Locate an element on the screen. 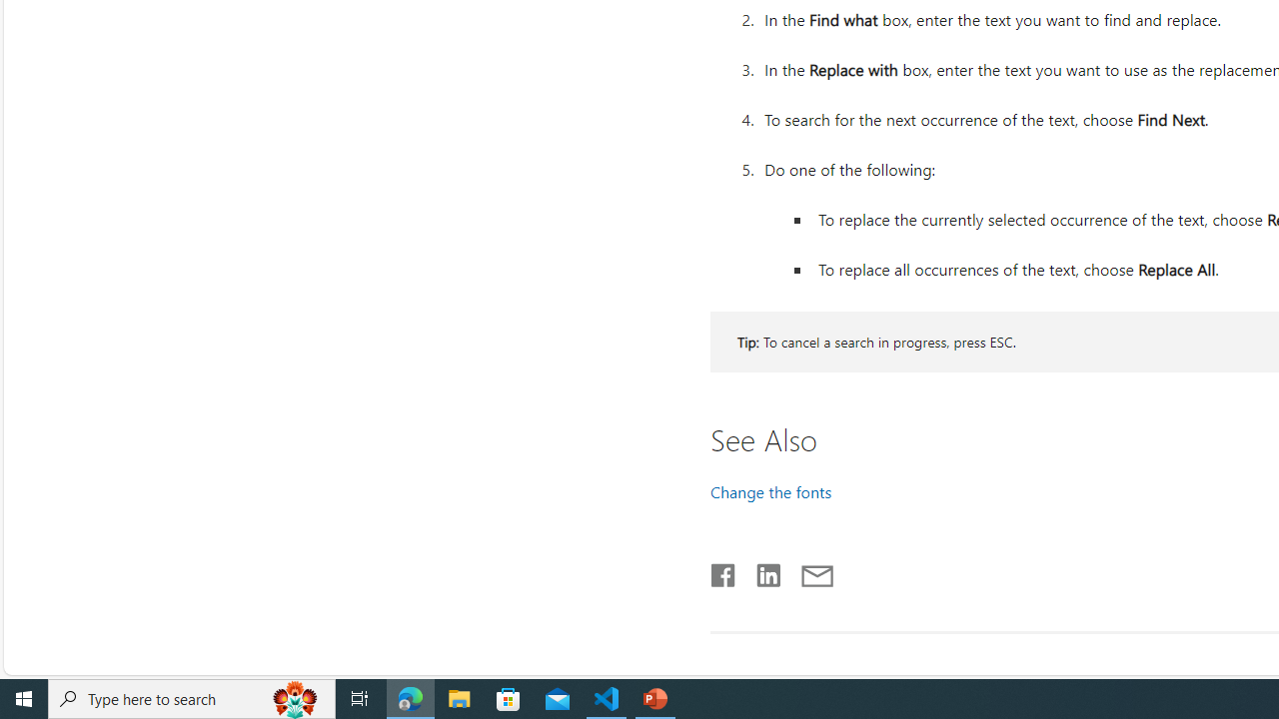 Image resolution: width=1279 pixels, height=719 pixels. 'Email' is located at coordinates (816, 571).